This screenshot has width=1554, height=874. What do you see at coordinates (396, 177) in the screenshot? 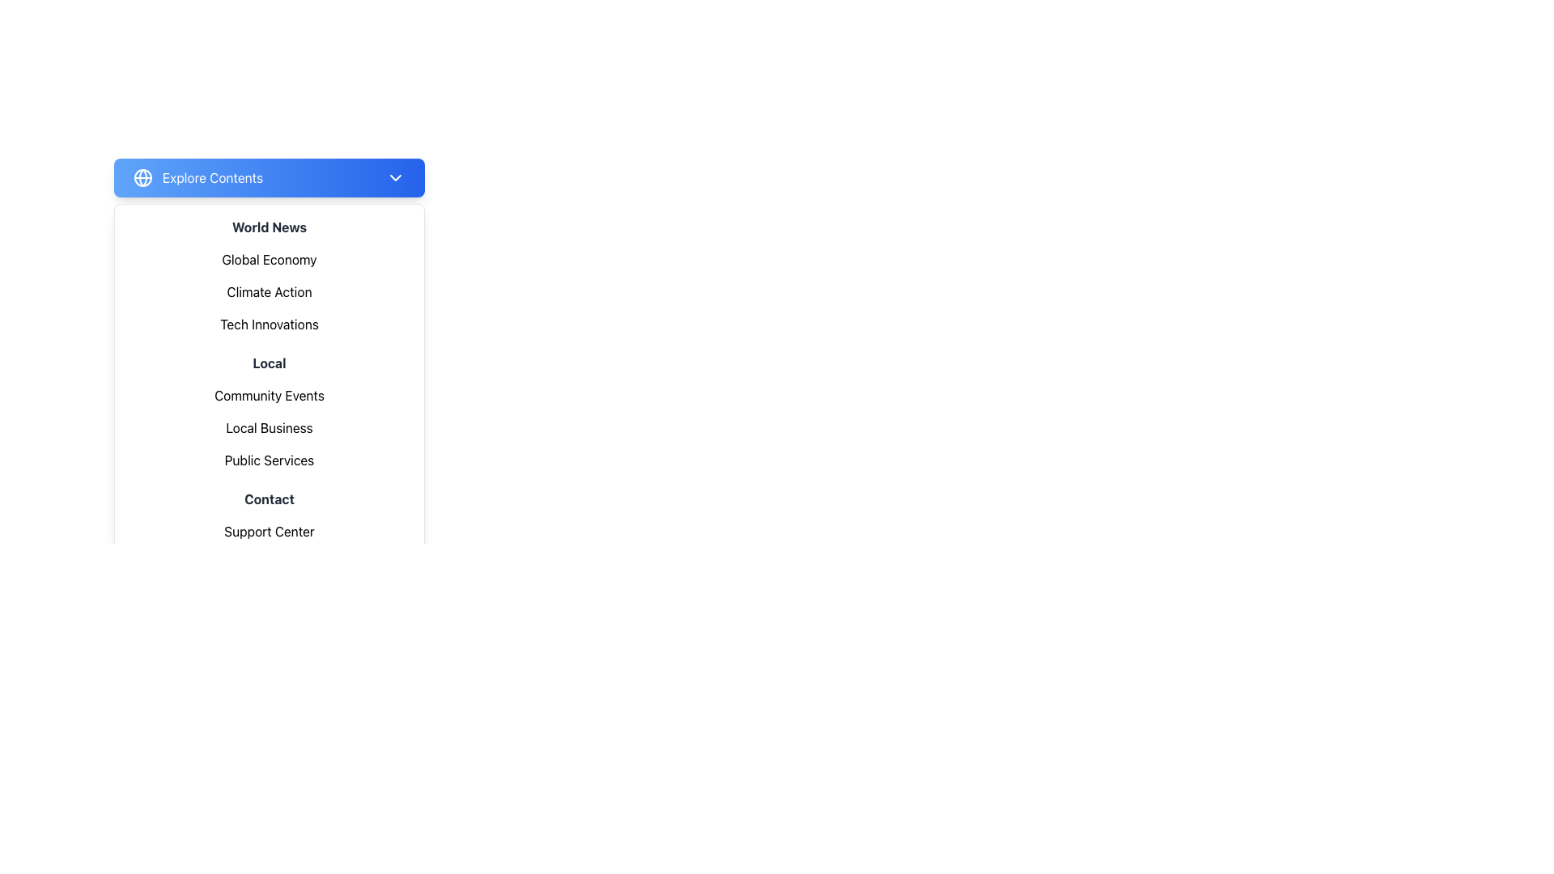
I see `the downward-facing chevron icon located at the far right end of the blue button labeled 'Explore Contents'` at bounding box center [396, 177].